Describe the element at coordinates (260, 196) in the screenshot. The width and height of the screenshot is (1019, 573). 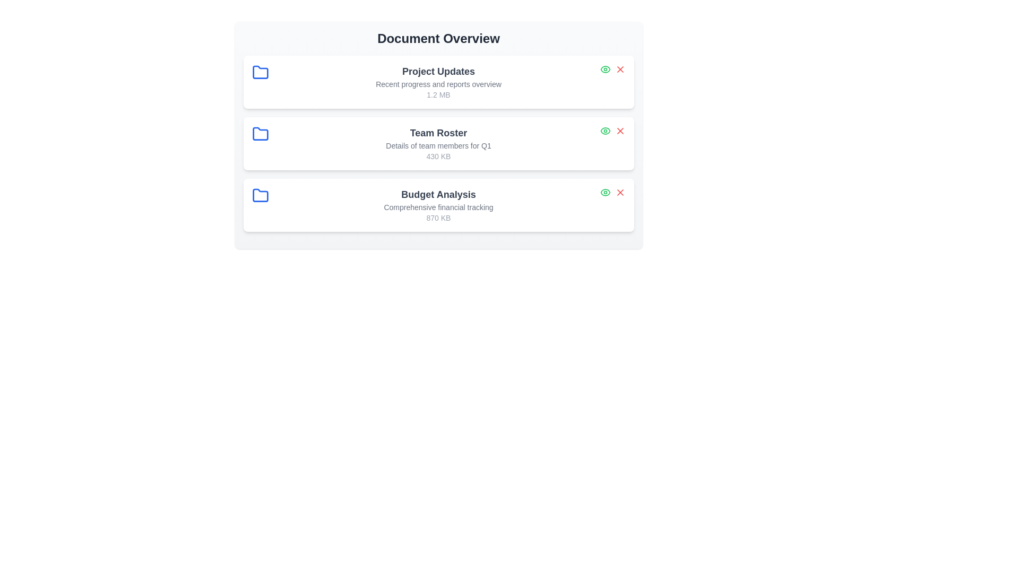
I see `the folder icon corresponding to Budget Analysis to provide visual feedback` at that location.